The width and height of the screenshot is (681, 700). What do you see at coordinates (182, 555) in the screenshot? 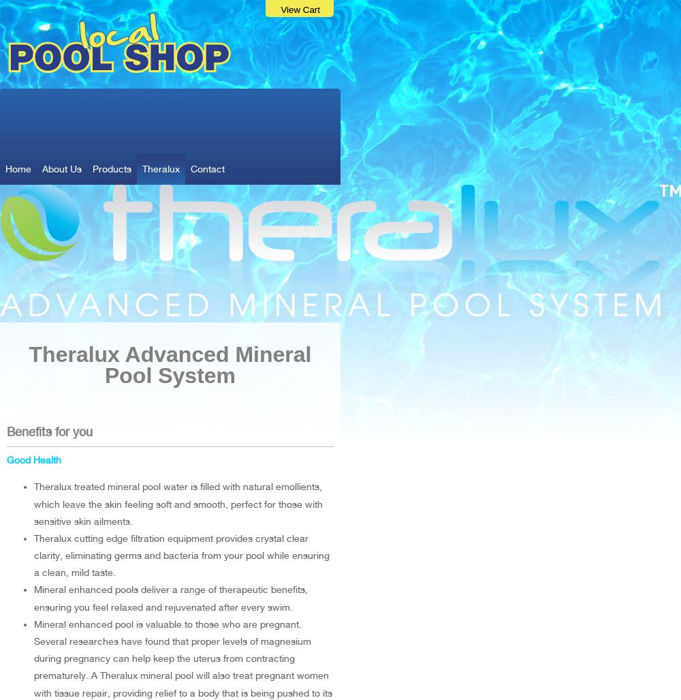
I see `'Theralux cutting edge filtration equipment provides crystal clear clarity, eliminating germs and bacteria from your pool while ensuring a clean, mild taste.'` at bounding box center [182, 555].